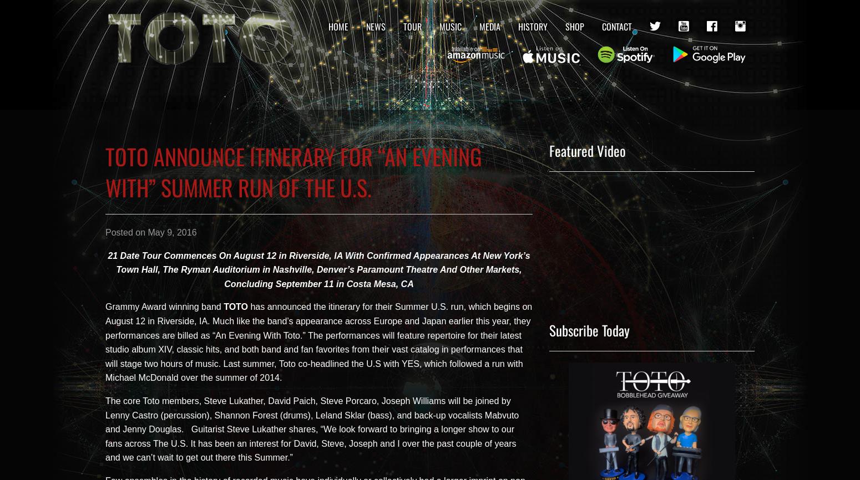  Describe the element at coordinates (236, 307) in the screenshot. I see `'TOTO'` at that location.